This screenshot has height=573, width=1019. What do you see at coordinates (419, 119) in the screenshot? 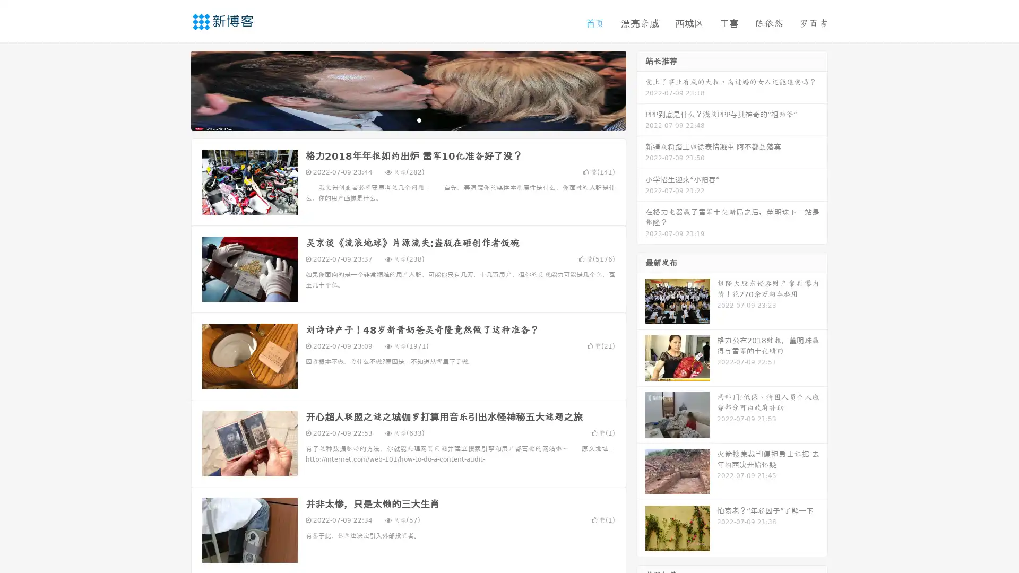
I see `Go to slide 3` at bounding box center [419, 119].